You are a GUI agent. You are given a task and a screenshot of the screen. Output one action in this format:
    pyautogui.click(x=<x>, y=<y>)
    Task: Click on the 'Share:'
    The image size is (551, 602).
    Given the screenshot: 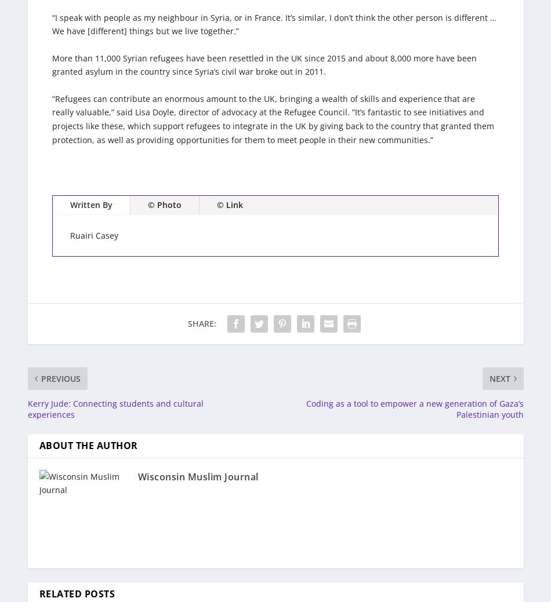 What is the action you would take?
    pyautogui.click(x=201, y=323)
    